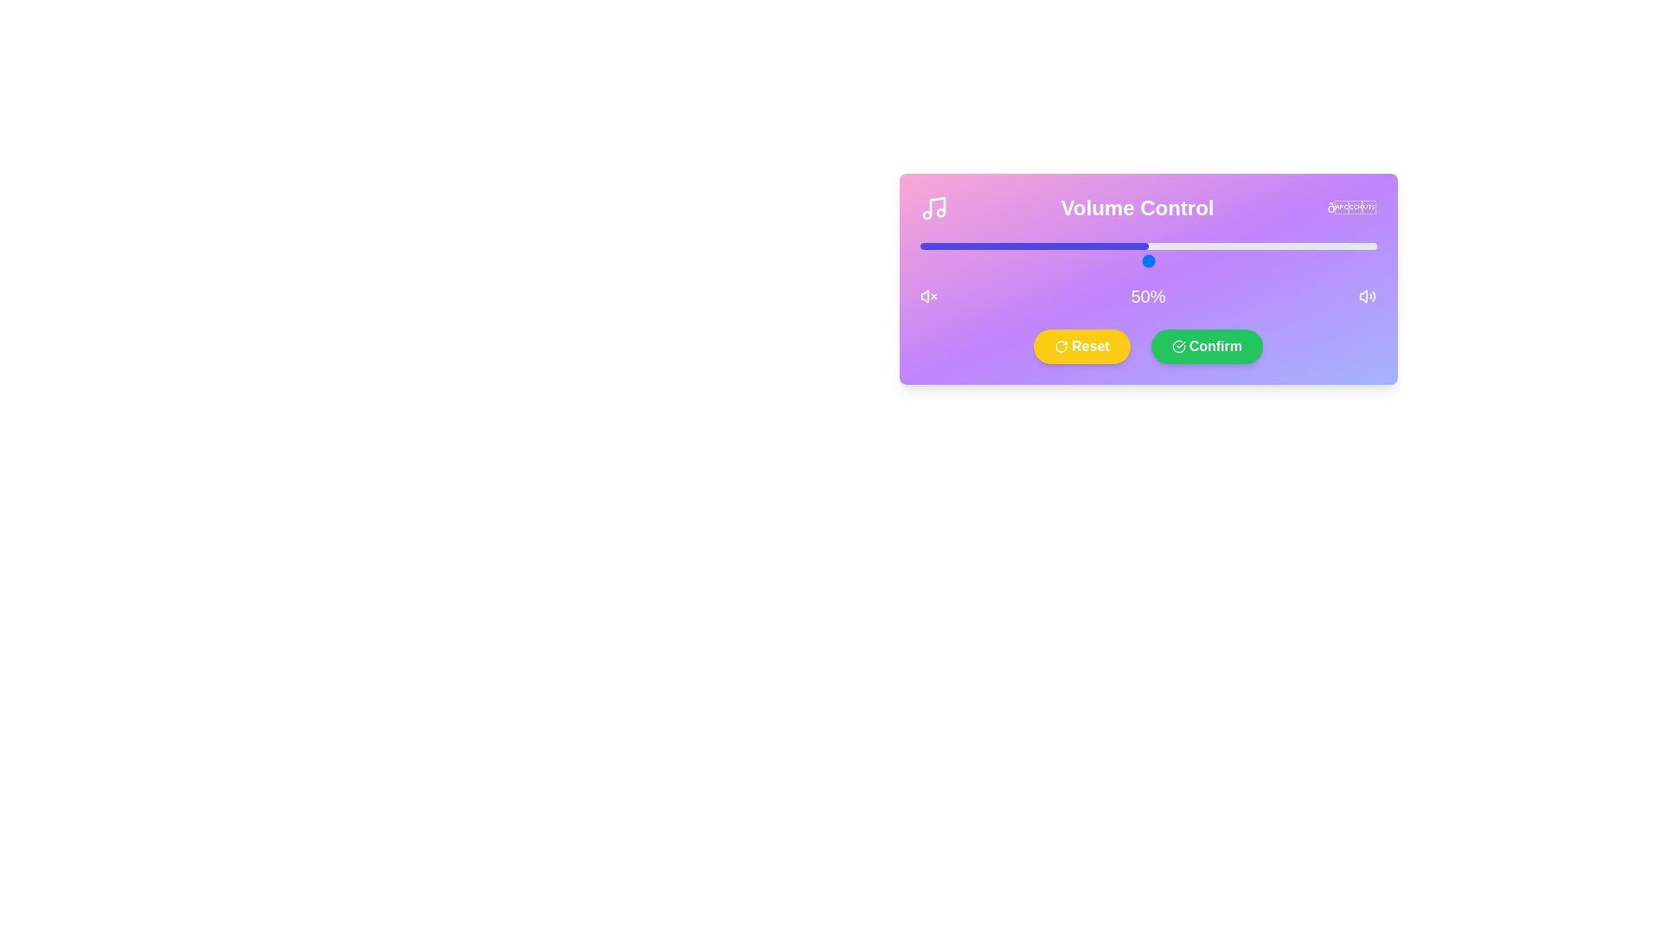  What do you see at coordinates (1029, 260) in the screenshot?
I see `the slider` at bounding box center [1029, 260].